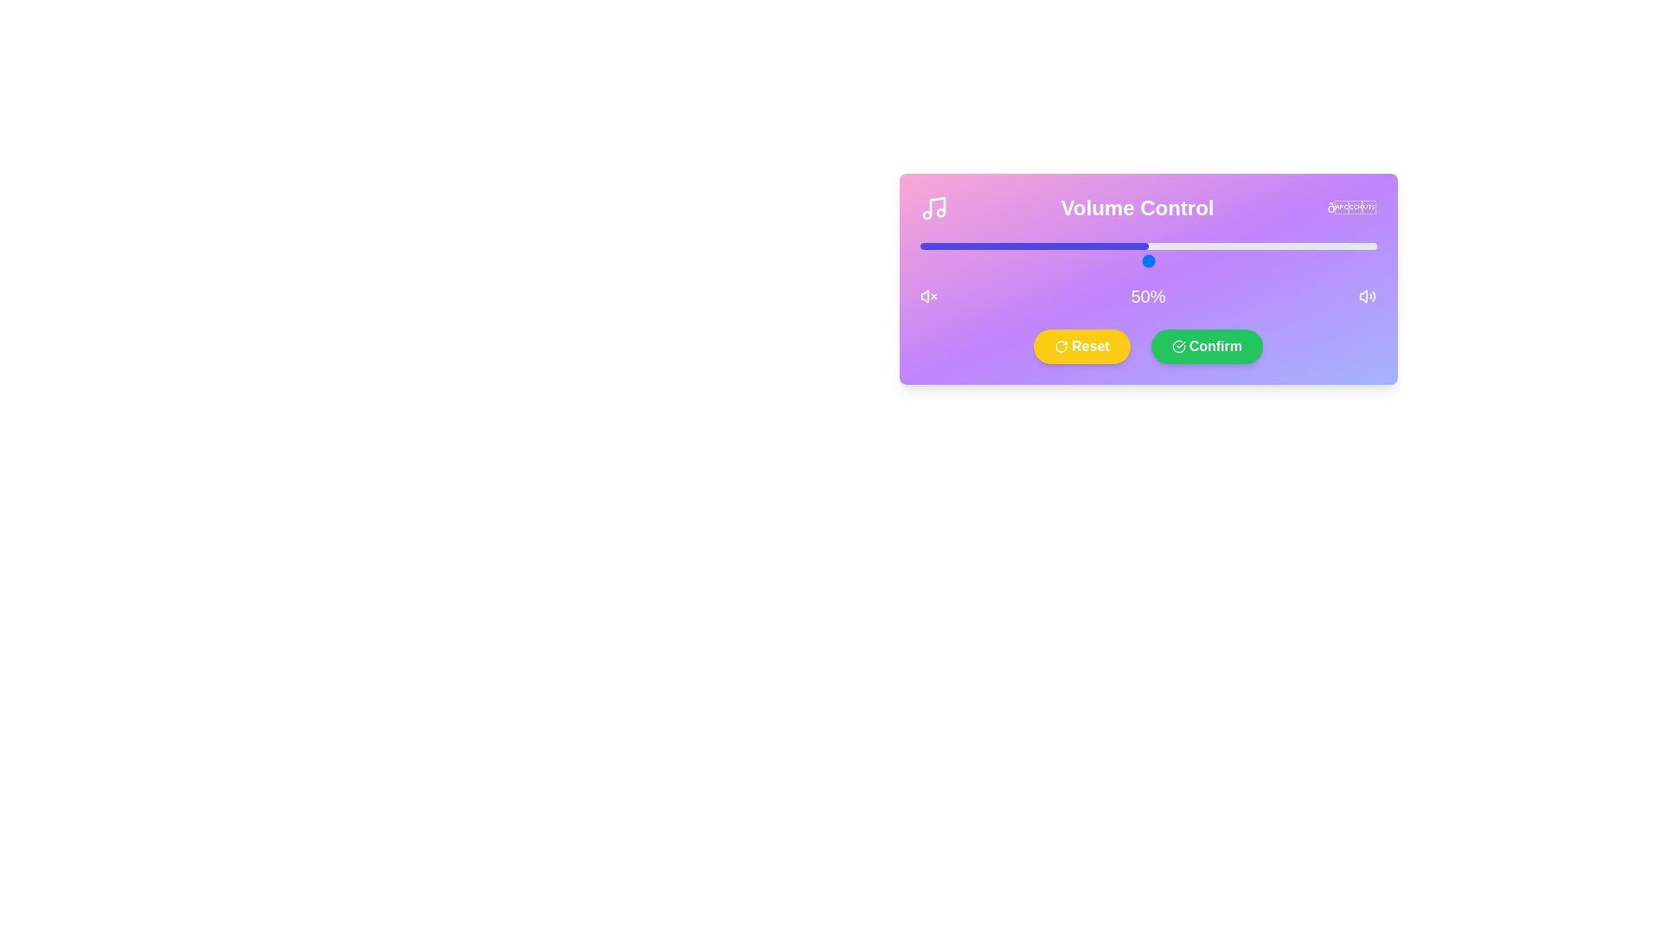  What do you see at coordinates (1029, 260) in the screenshot?
I see `the slider` at bounding box center [1029, 260].